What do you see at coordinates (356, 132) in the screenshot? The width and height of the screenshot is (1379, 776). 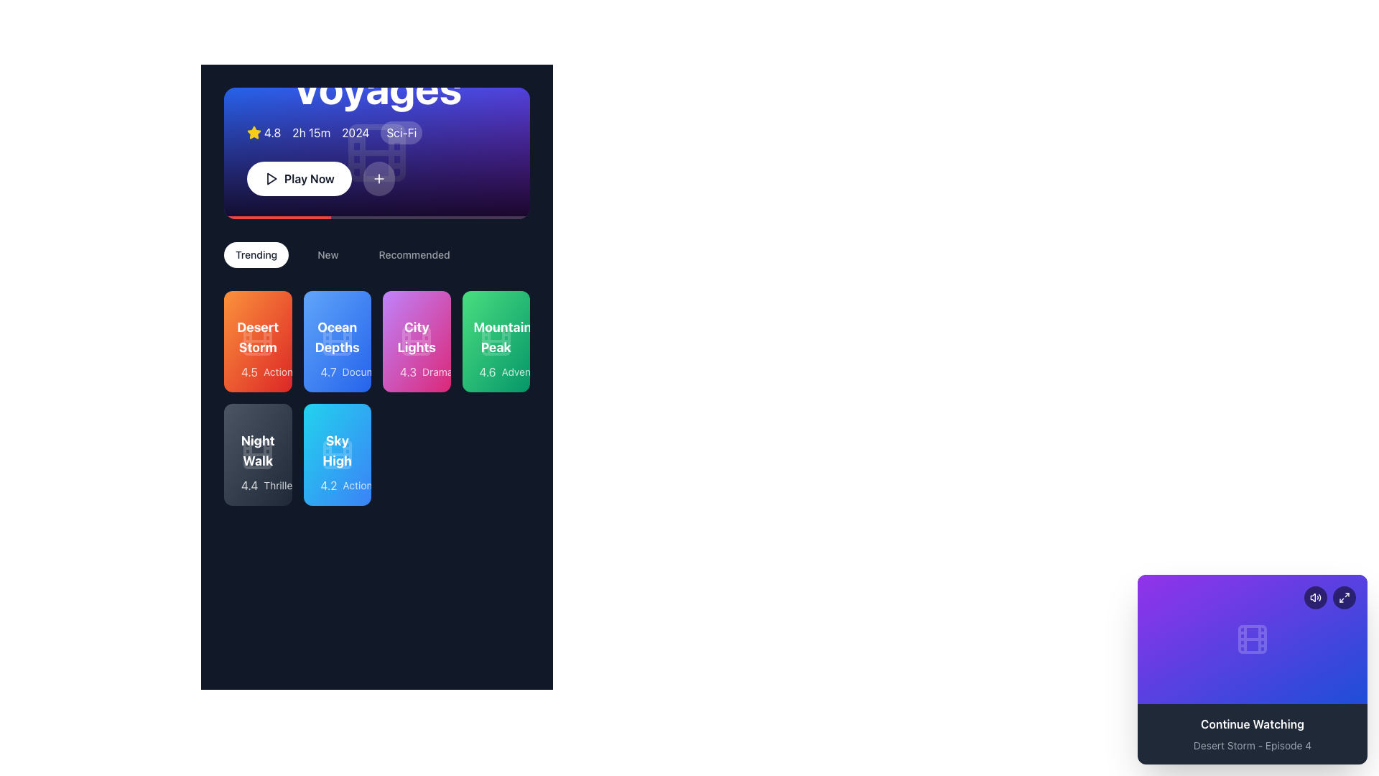 I see `the text displaying the release year '2024', which is positioned between the duration text '2h 15m' and the genre descriptor 'Sci-Fi' below the main title banner` at bounding box center [356, 132].